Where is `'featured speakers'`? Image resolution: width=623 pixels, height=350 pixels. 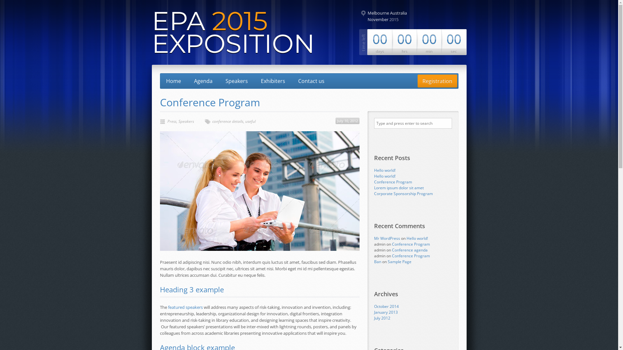
'featured speakers' is located at coordinates (168, 307).